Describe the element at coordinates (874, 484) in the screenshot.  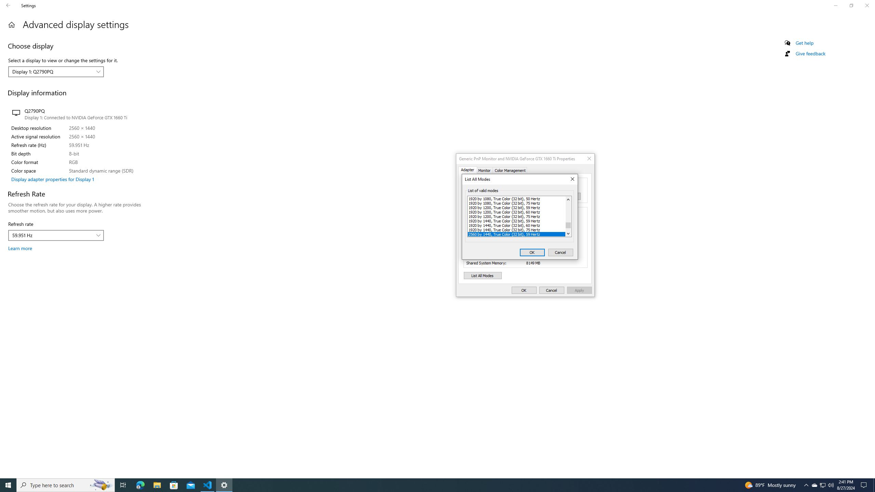
I see `'Show desktop'` at that location.